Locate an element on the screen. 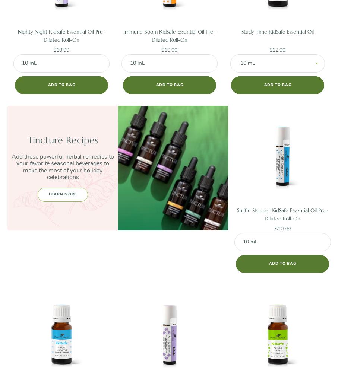 This screenshot has width=354, height=382. '10 mL
$12.99' is located at coordinates (277, 78).